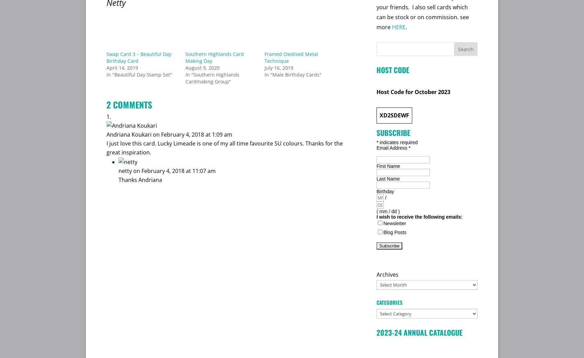 The width and height of the screenshot is (584, 358). I want to click on 'Blog Posts', so click(395, 232).